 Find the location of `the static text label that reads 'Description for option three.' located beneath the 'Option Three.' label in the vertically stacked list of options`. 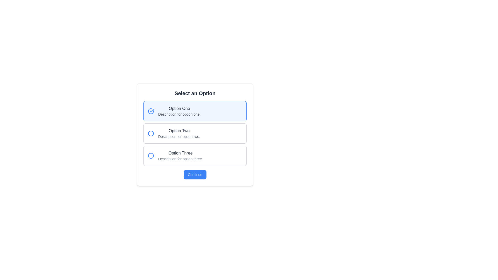

the static text label that reads 'Description for option three.' located beneath the 'Option Three.' label in the vertically stacked list of options is located at coordinates (181, 159).